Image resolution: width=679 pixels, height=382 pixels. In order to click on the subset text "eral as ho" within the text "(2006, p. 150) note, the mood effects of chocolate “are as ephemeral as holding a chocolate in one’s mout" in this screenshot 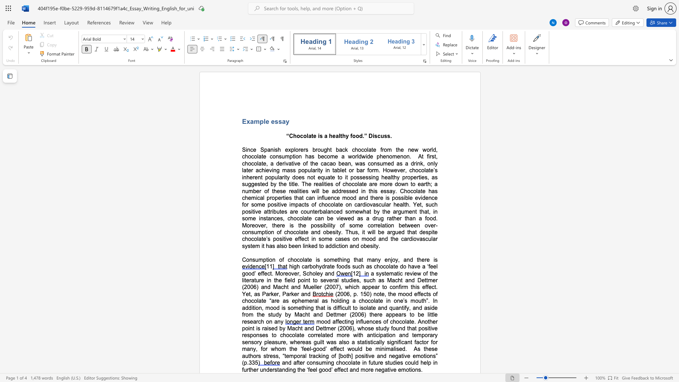, I will do `click(309, 301)`.